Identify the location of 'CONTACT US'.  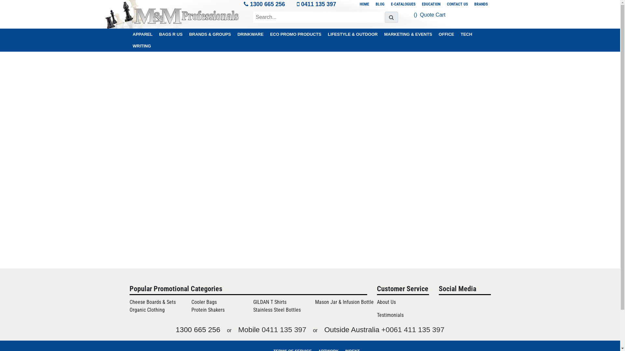
(456, 4).